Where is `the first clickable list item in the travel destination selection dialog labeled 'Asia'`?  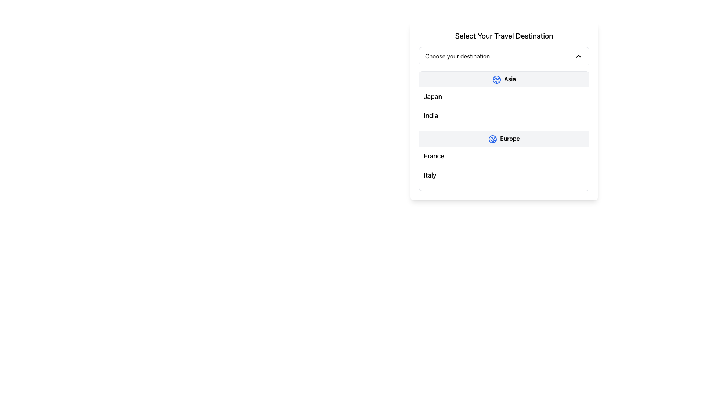 the first clickable list item in the travel destination selection dialog labeled 'Asia' is located at coordinates (503, 79).